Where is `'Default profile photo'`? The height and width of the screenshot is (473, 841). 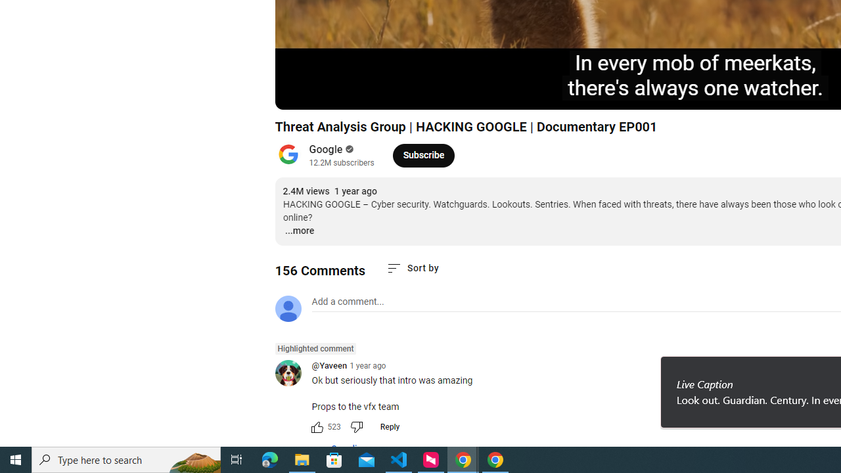
'Default profile photo' is located at coordinates (288, 309).